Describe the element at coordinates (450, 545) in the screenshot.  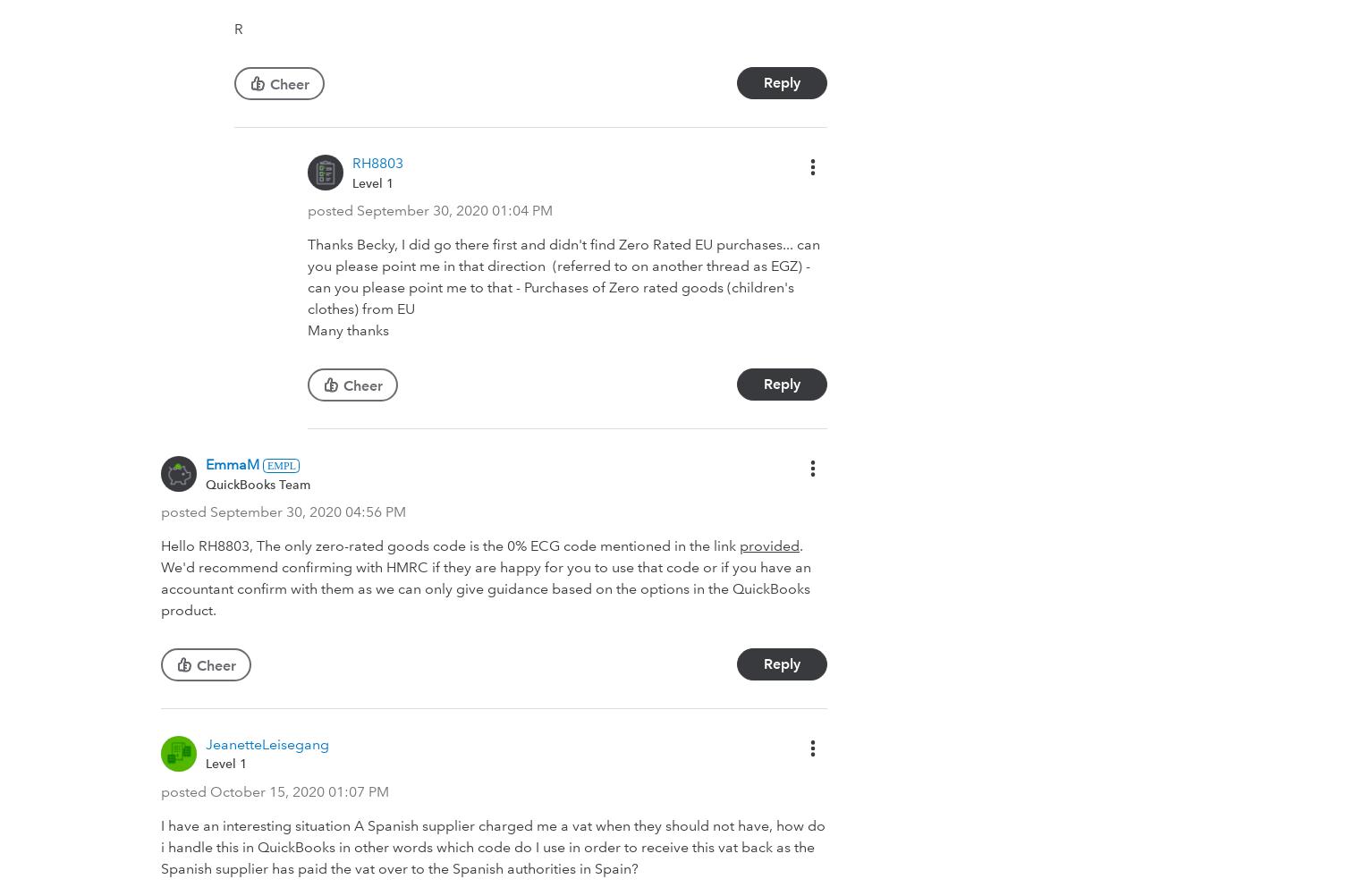
I see `'Hello RH8803, The only zero-rated goods code is the 0% ECG code mentioned in the link'` at that location.